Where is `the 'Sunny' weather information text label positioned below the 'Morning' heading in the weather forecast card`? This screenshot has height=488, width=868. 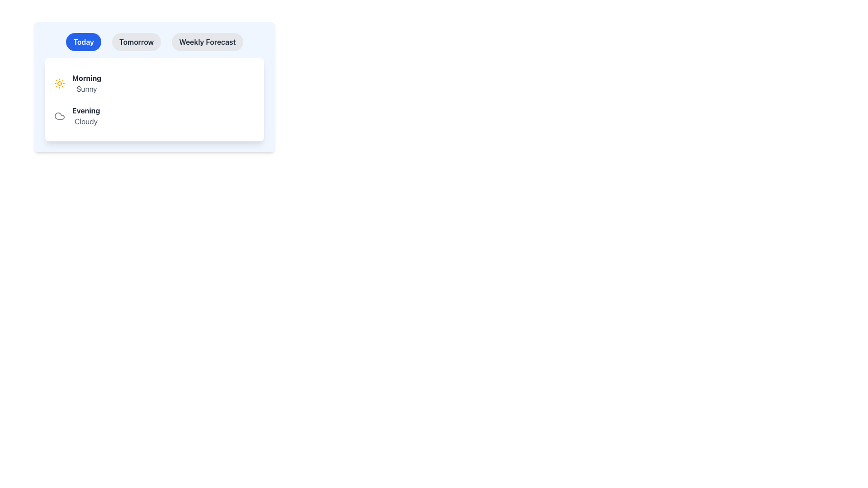
the 'Sunny' weather information text label positioned below the 'Morning' heading in the weather forecast card is located at coordinates (87, 89).